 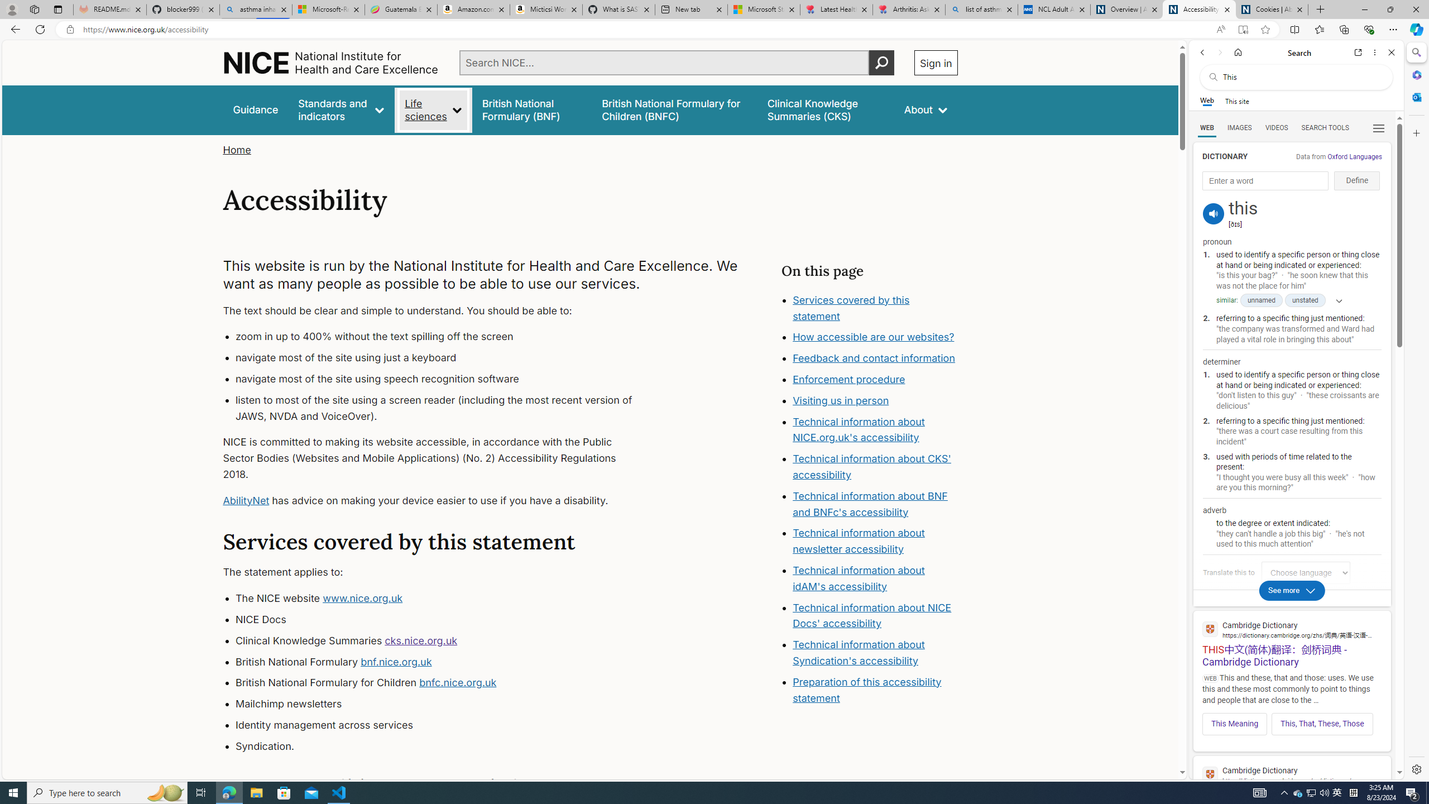 What do you see at coordinates (1292, 774) in the screenshot?
I see `'Cambridge Dictionary'` at bounding box center [1292, 774].